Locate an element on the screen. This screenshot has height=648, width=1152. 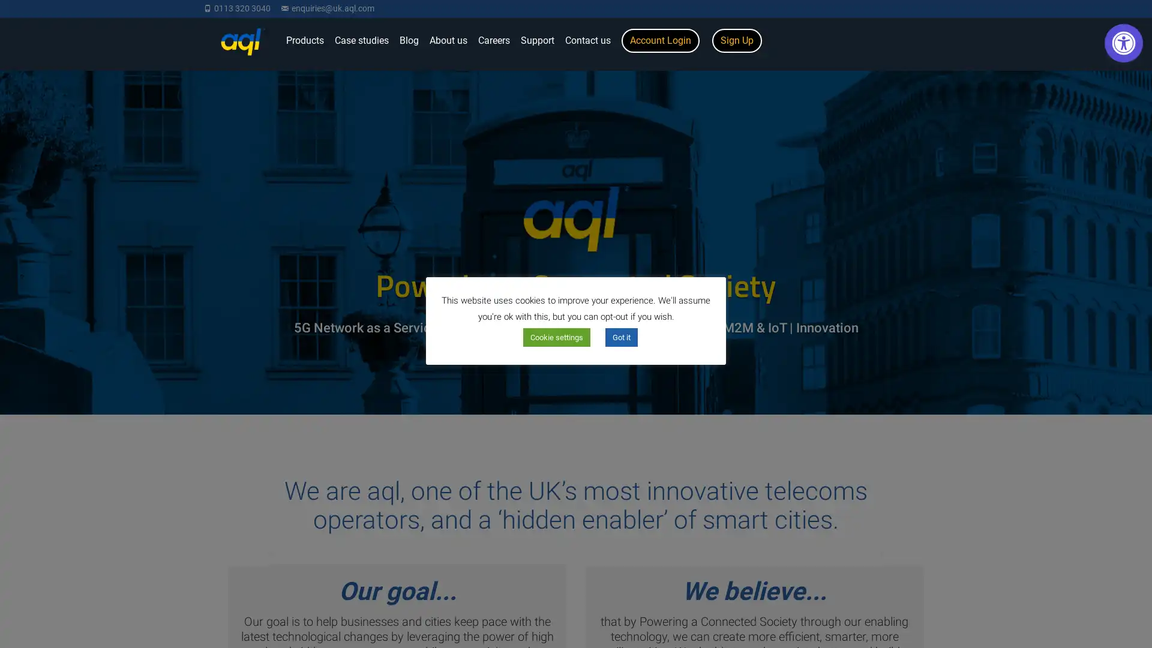
Brightness is located at coordinates (957, 180).